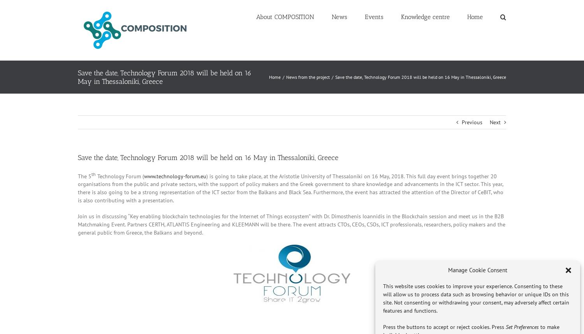 The height and width of the screenshot is (334, 584). I want to click on 'Join us in discussing “Key enabling blockchain technologies for the Internet of Things ecosystem” with Dr. Dimosthenis Ioannidis in the Blockchain session and meet us in the B2B Matchmaking Event. Partners CERTH, ATLANTIS Engineering and KLEEMANN will be there. The event attracts CTOs, CEOs, CSOs, ICT professionals, researchers, policy makers and the general public from Greece, the Balkans and beyond.', so click(291, 224).